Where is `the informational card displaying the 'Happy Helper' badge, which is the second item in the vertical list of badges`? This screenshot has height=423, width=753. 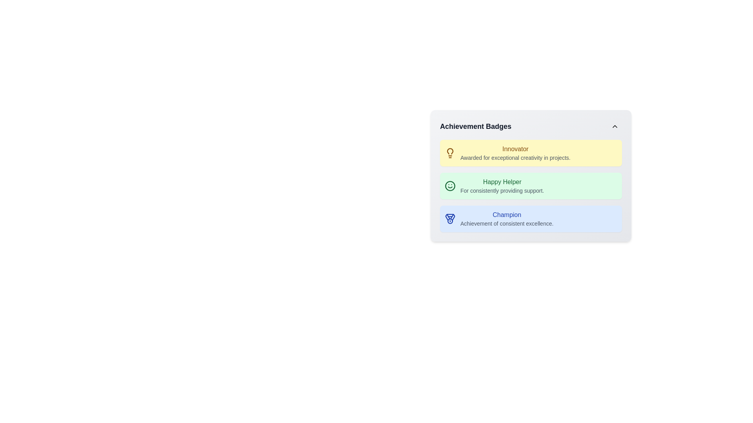
the informational card displaying the 'Happy Helper' badge, which is the second item in the vertical list of badges is located at coordinates (531, 175).